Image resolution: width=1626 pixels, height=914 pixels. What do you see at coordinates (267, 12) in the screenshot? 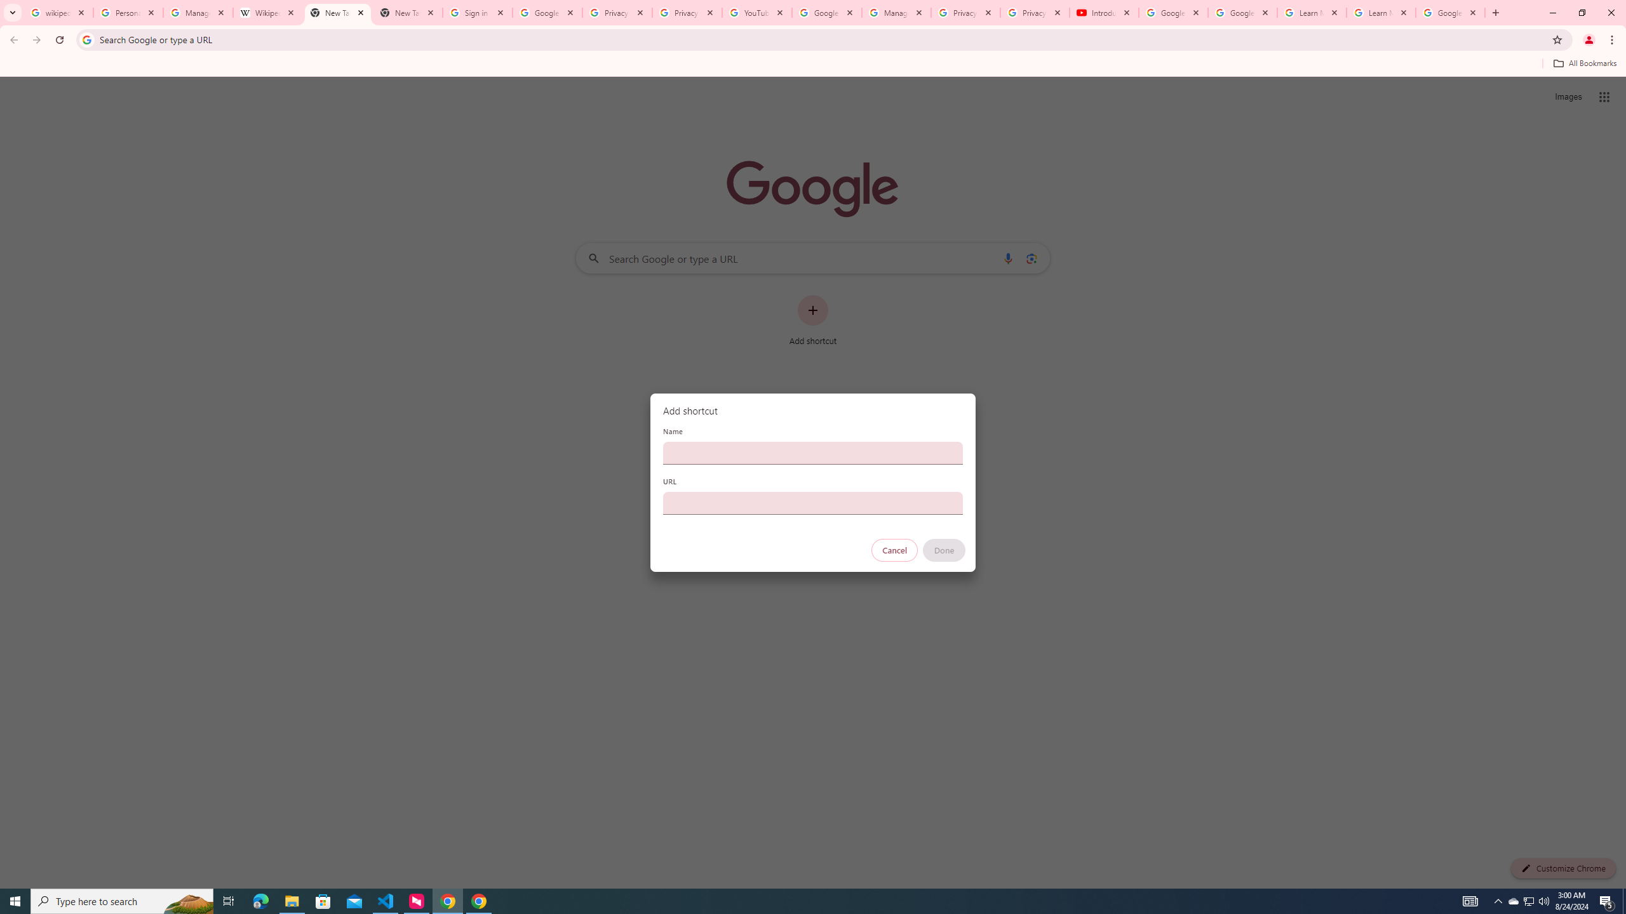
I see `'Wikipedia:Edit requests - Wikipedia'` at bounding box center [267, 12].